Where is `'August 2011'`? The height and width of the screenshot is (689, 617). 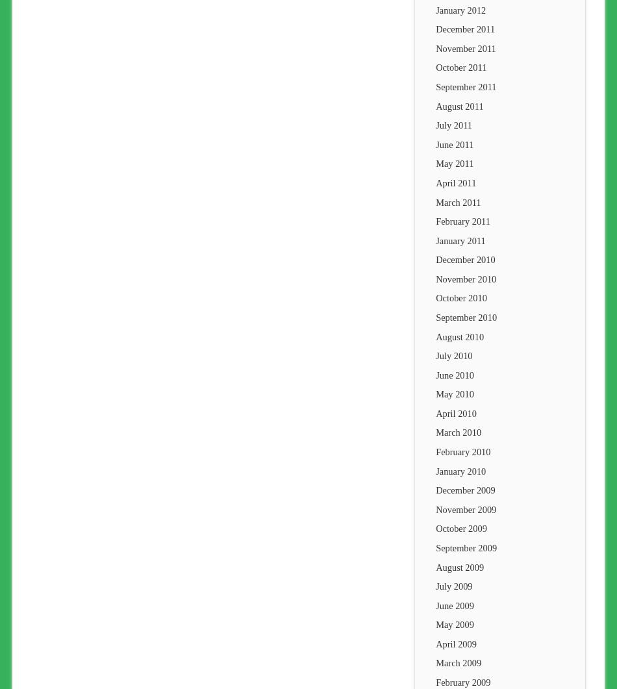
'August 2011' is located at coordinates (459, 105).